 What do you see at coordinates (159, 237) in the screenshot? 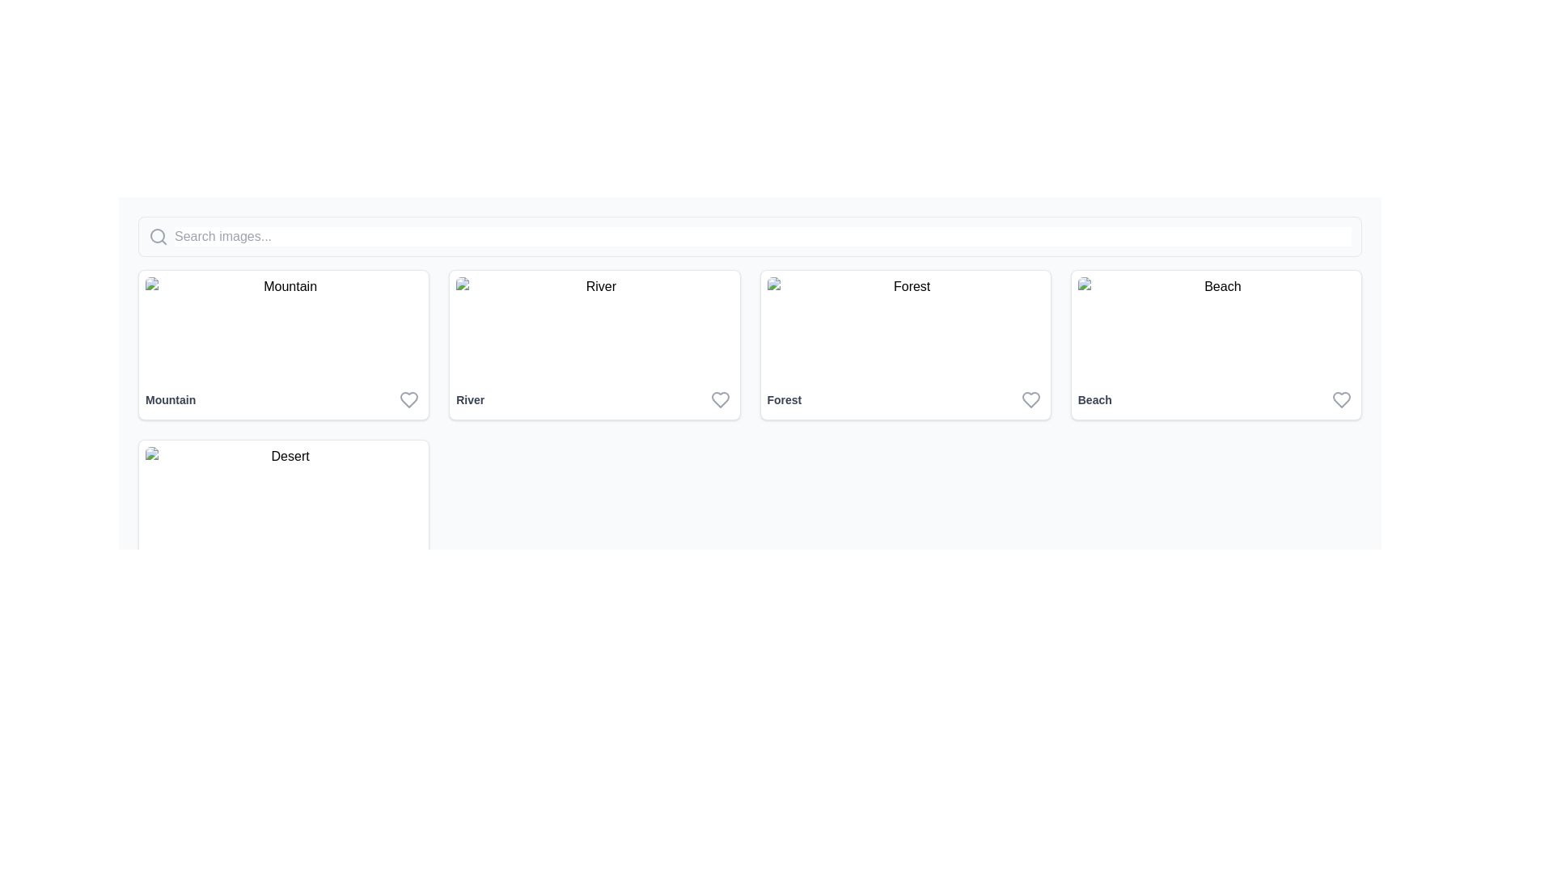
I see `the search icon` at bounding box center [159, 237].